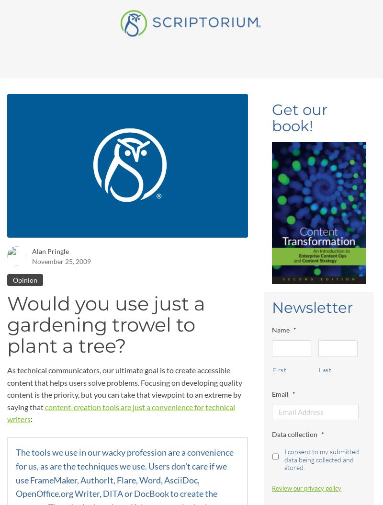  What do you see at coordinates (91, 16) in the screenshot?
I see `'Services'` at bounding box center [91, 16].